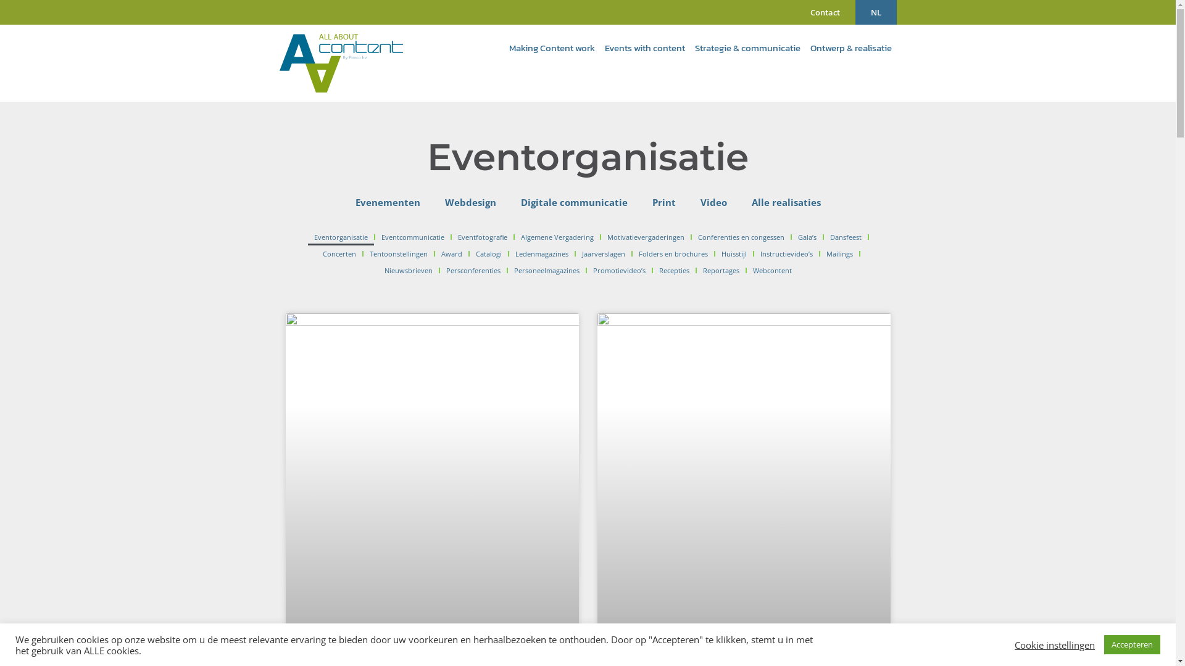  I want to click on 'Ledenmagazines', so click(509, 253).